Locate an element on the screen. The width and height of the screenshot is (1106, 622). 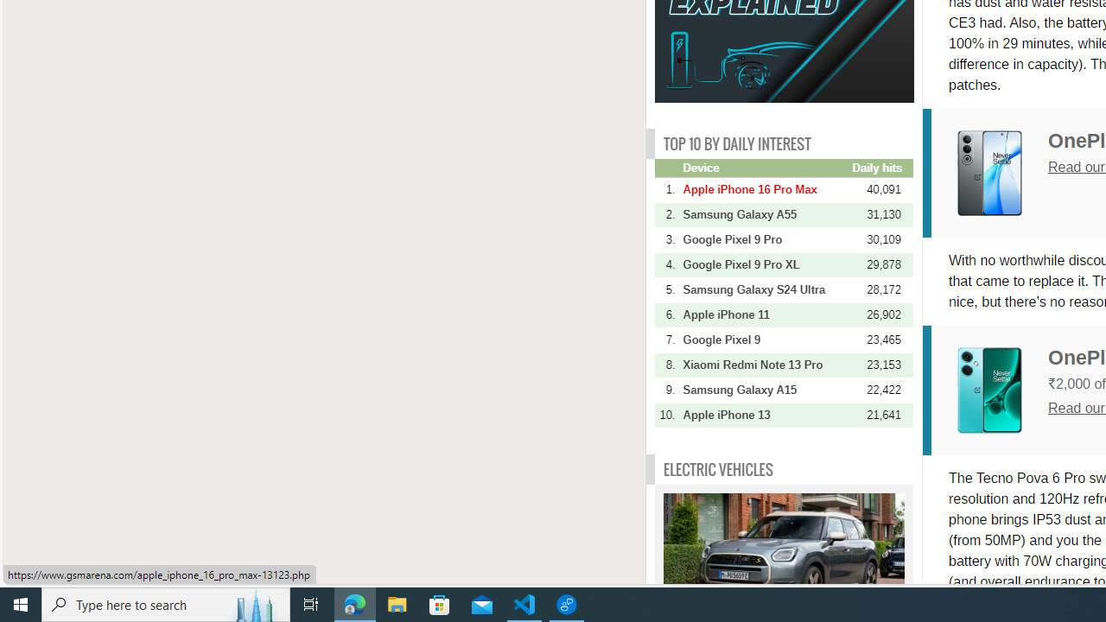
'Apple iPhone 16 Pro Max' is located at coordinates (765, 189).